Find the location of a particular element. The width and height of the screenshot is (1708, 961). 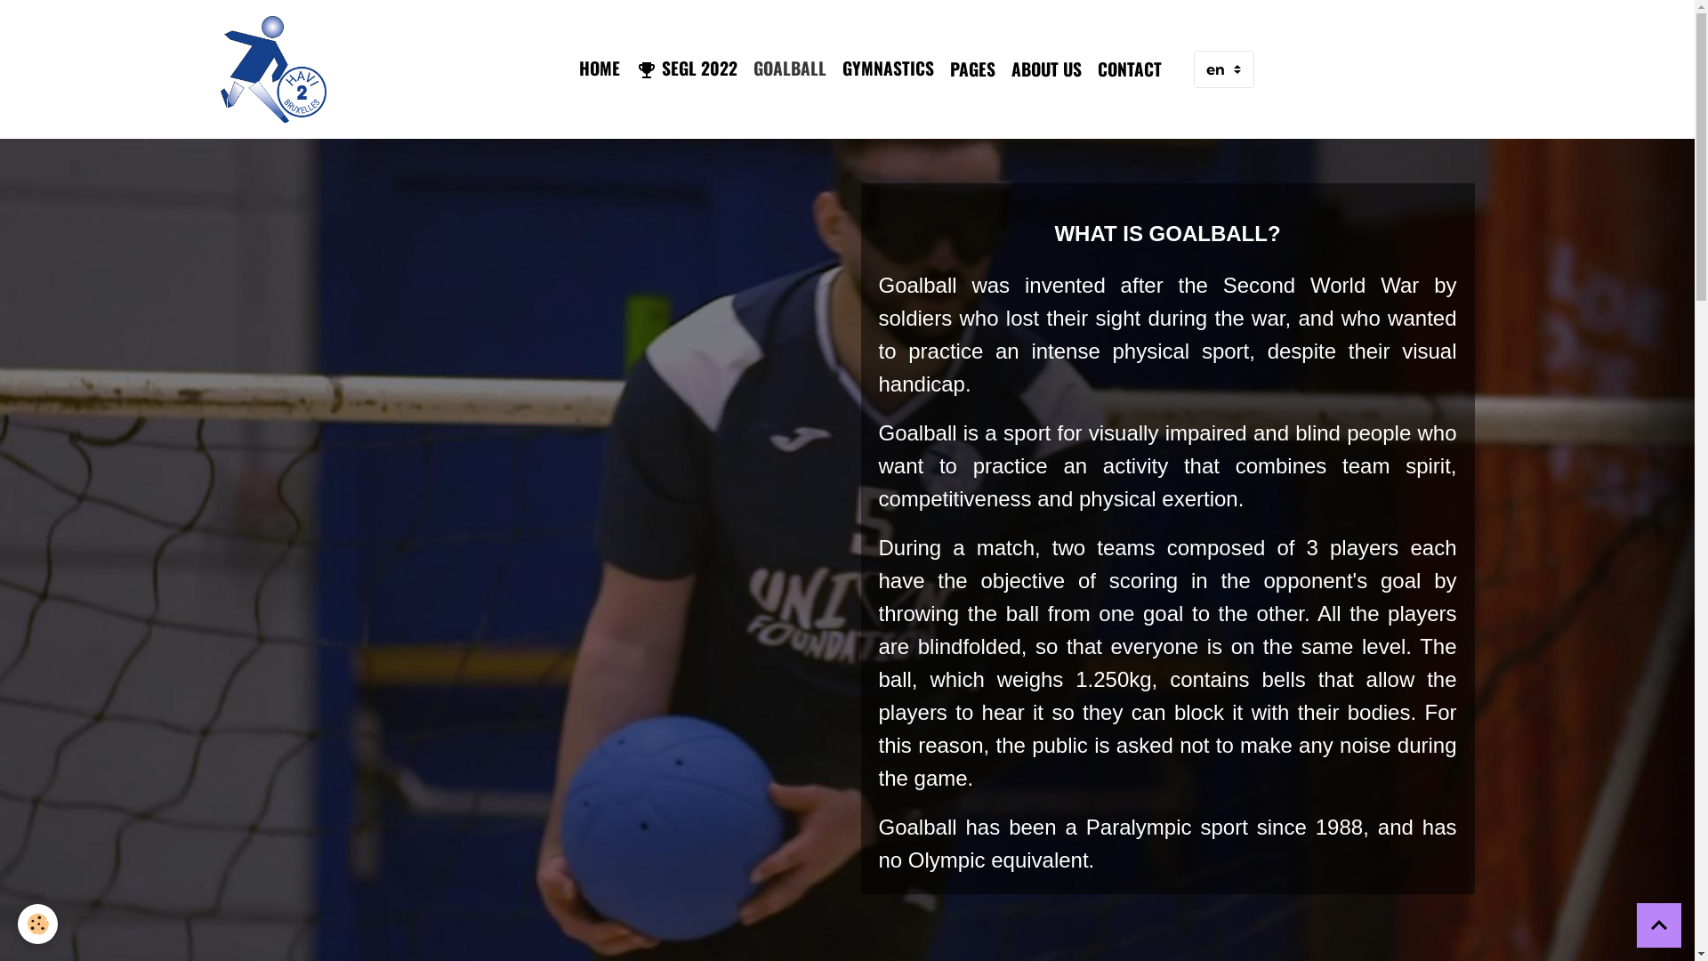

'GYMNASTICS' is located at coordinates (888, 67).